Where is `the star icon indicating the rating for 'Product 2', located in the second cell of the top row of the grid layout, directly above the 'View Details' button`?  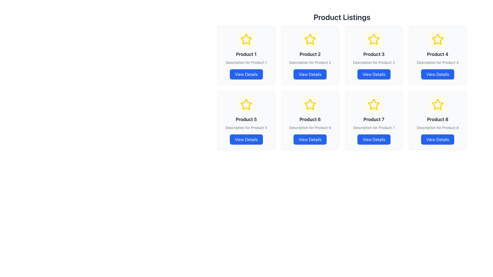 the star icon indicating the rating for 'Product 2', located in the second cell of the top row of the grid layout, directly above the 'View Details' button is located at coordinates (310, 39).